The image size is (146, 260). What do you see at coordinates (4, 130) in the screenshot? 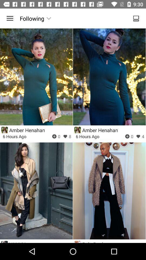
I see `user 's profile` at bounding box center [4, 130].